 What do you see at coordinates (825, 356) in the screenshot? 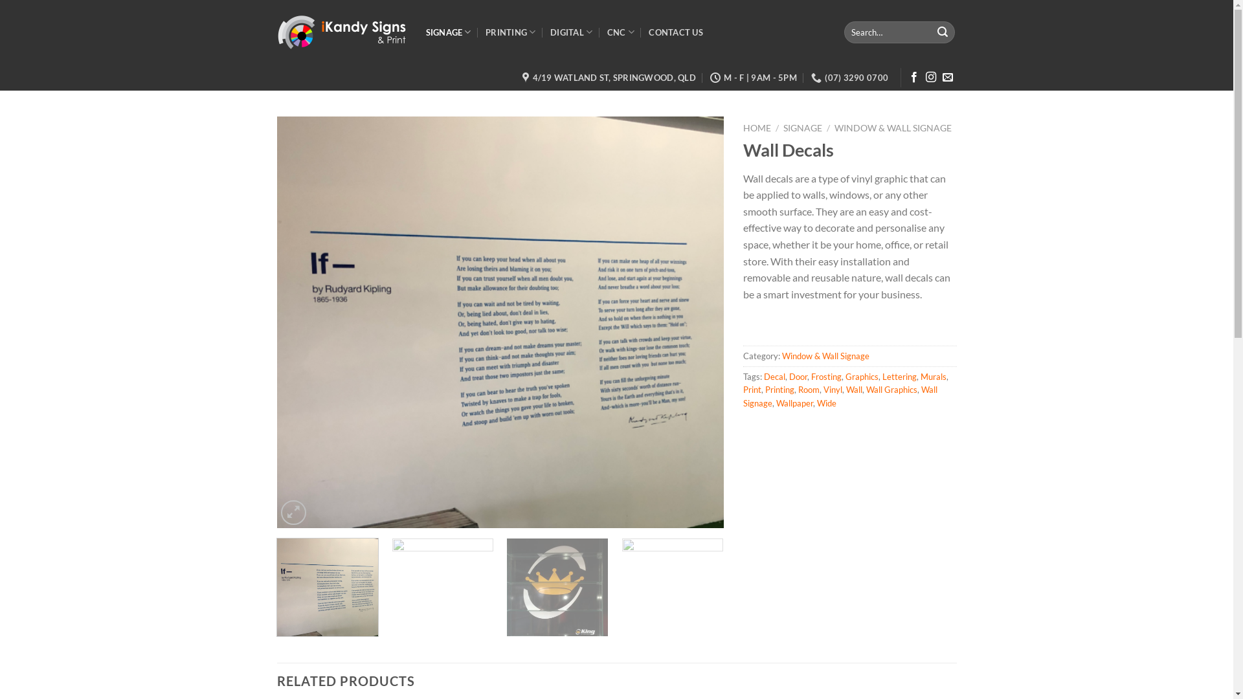
I see `'Window & Wall Signage'` at bounding box center [825, 356].